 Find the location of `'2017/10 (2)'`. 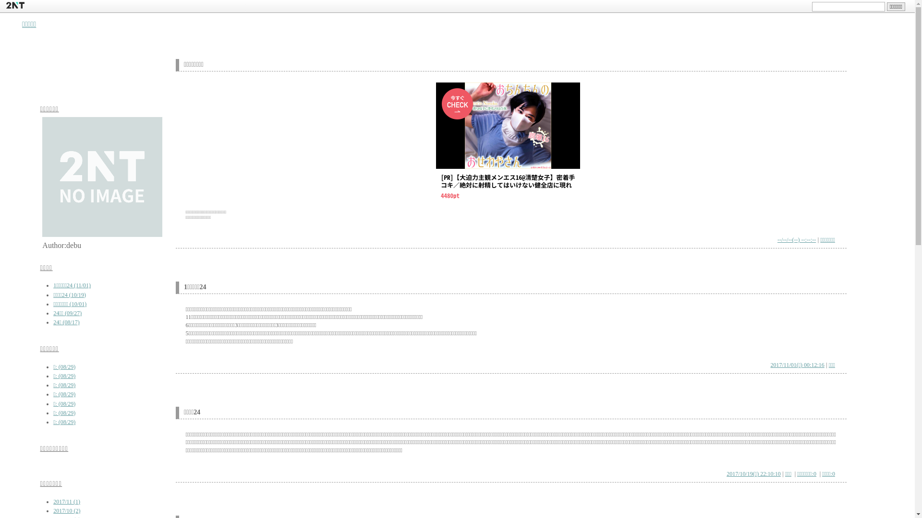

'2017/10 (2)' is located at coordinates (66, 510).